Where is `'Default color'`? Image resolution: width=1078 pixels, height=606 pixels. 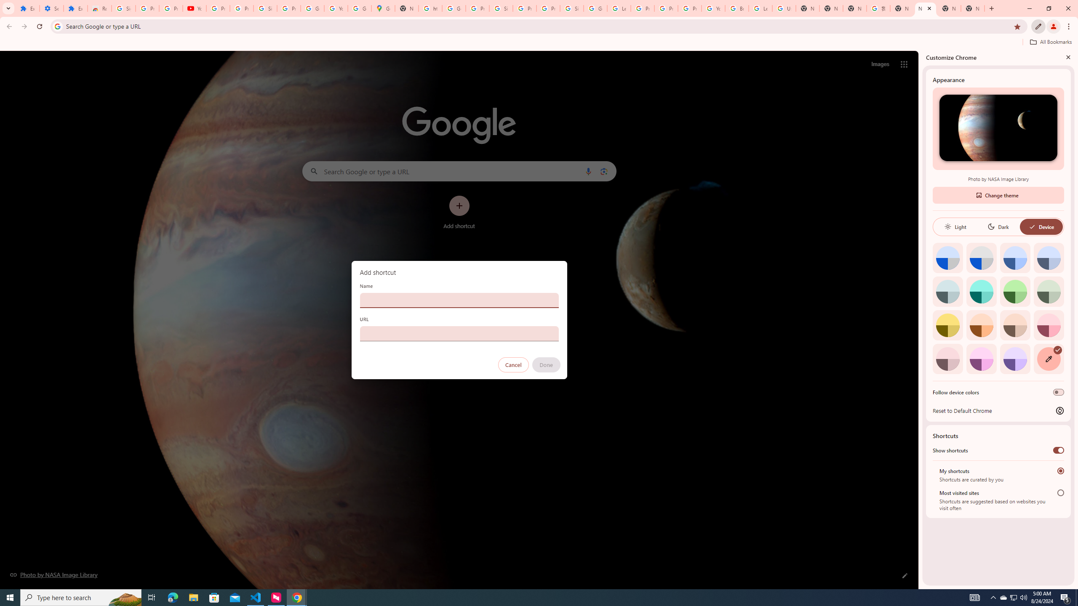 'Default color' is located at coordinates (947, 258).